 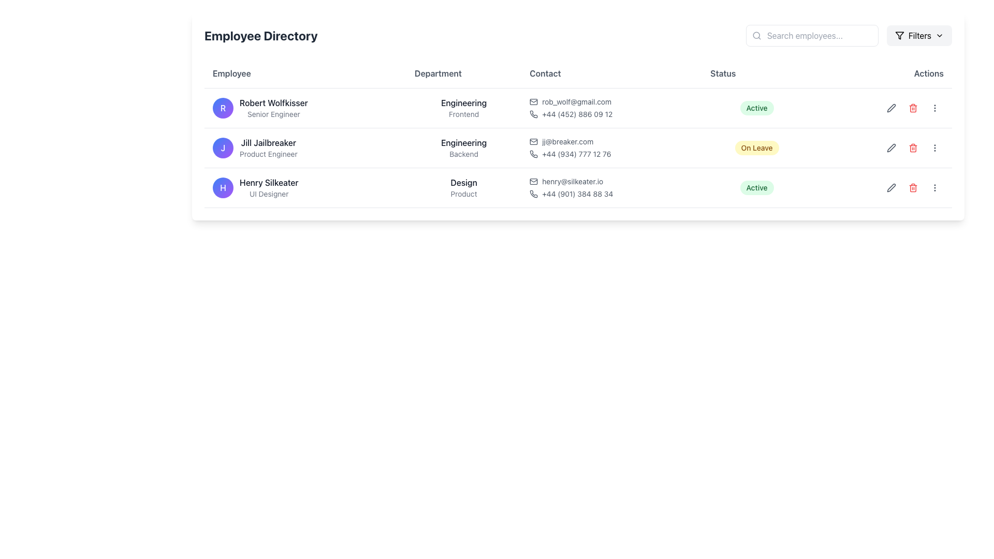 What do you see at coordinates (611, 108) in the screenshot?
I see `the phone number '+44 (452) 886 09 12' in the 'Contact' column of the first row in the 'Employee Directory' table to initiate a call` at bounding box center [611, 108].